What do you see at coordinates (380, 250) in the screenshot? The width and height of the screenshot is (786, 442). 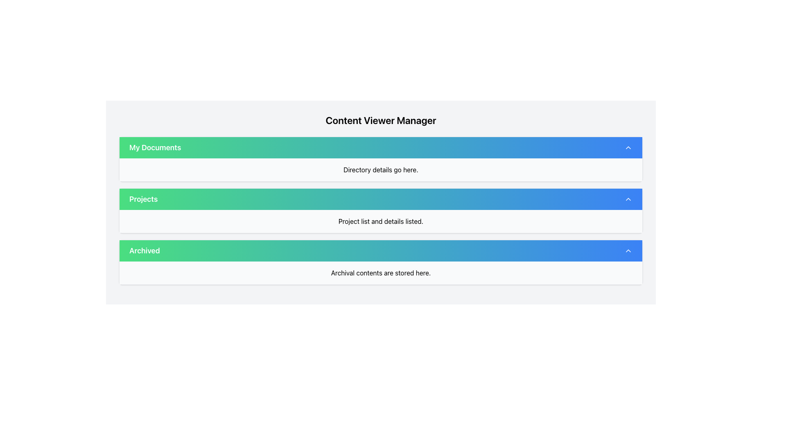 I see `the 'Archived' button, which is the third button in a column of gradient buttons` at bounding box center [380, 250].